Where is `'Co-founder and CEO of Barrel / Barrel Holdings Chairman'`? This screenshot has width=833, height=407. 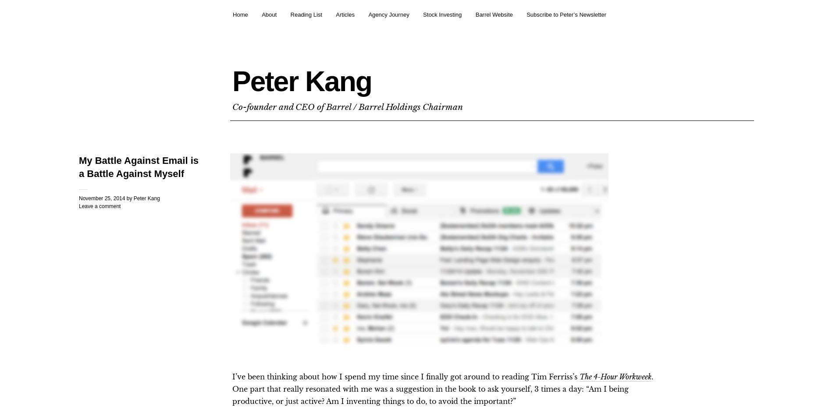 'Co-founder and CEO of Barrel / Barrel Holdings Chairman' is located at coordinates (232, 106).